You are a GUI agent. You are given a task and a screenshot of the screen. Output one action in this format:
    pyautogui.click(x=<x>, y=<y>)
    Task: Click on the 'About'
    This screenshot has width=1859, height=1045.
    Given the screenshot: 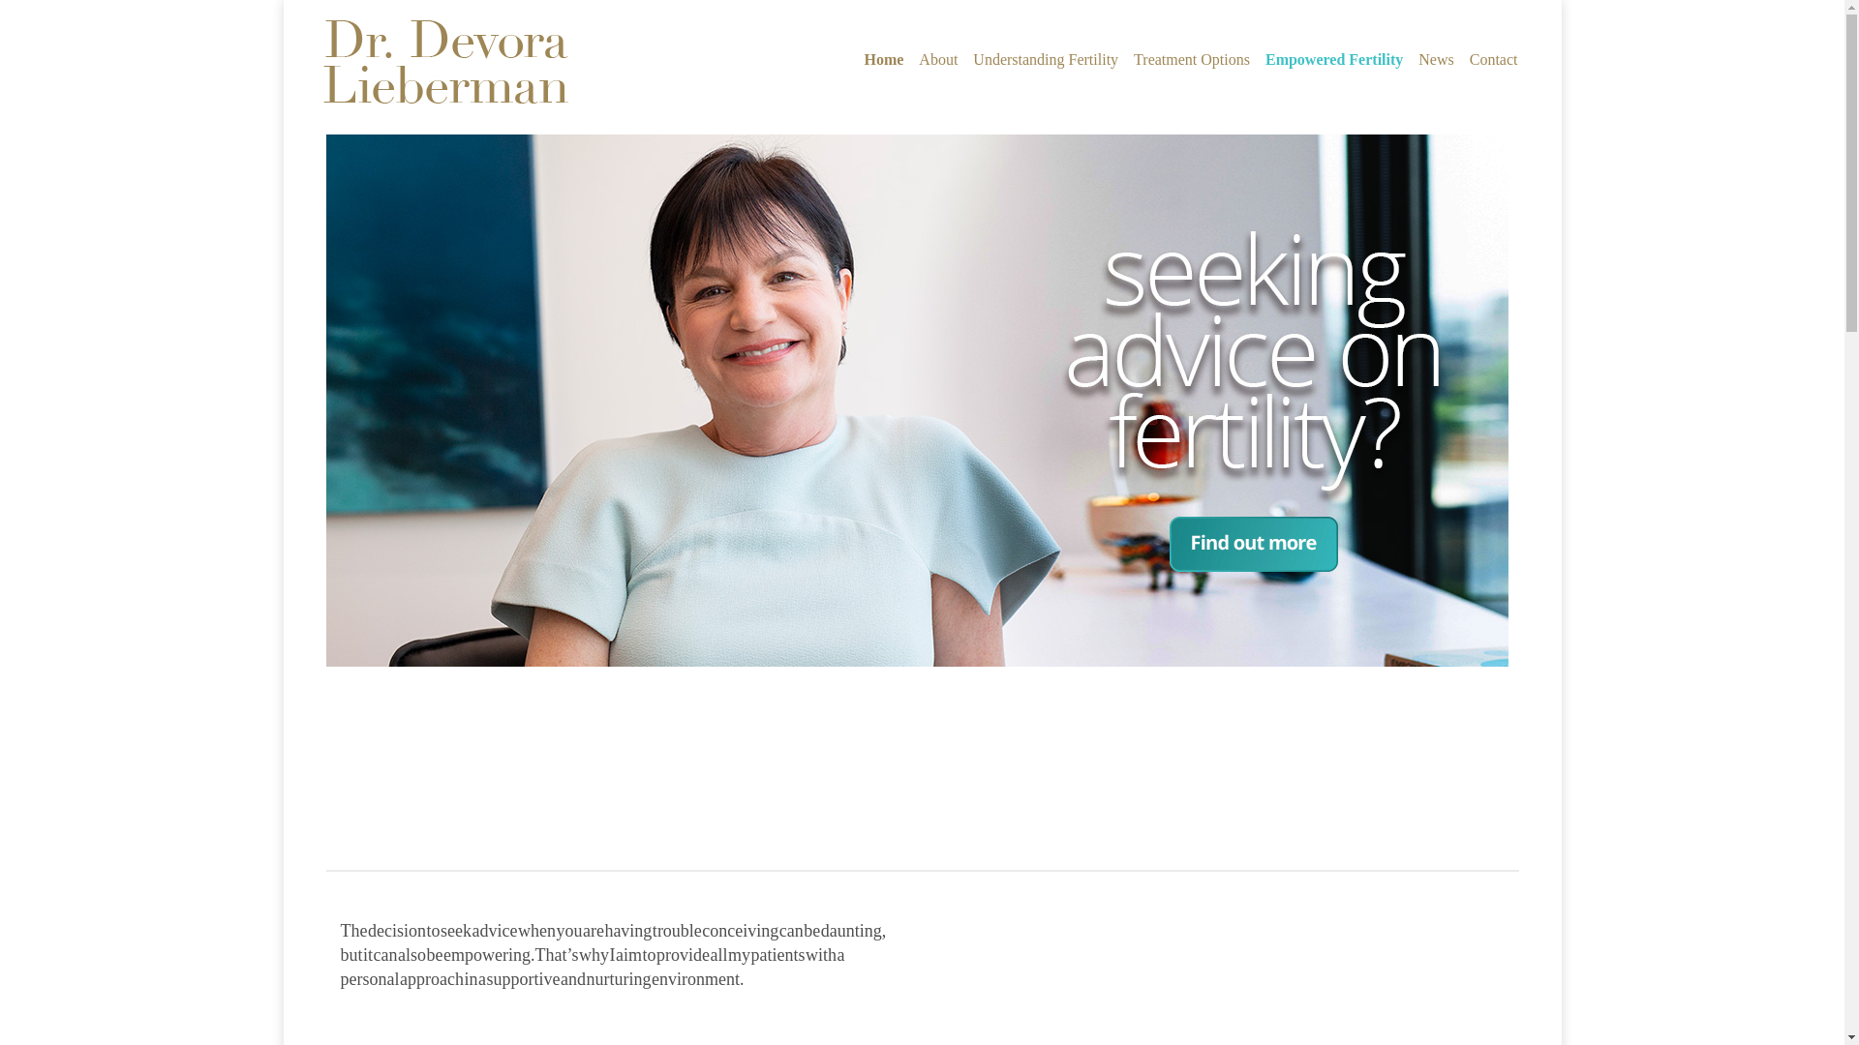 What is the action you would take?
    pyautogui.click(x=938, y=59)
    